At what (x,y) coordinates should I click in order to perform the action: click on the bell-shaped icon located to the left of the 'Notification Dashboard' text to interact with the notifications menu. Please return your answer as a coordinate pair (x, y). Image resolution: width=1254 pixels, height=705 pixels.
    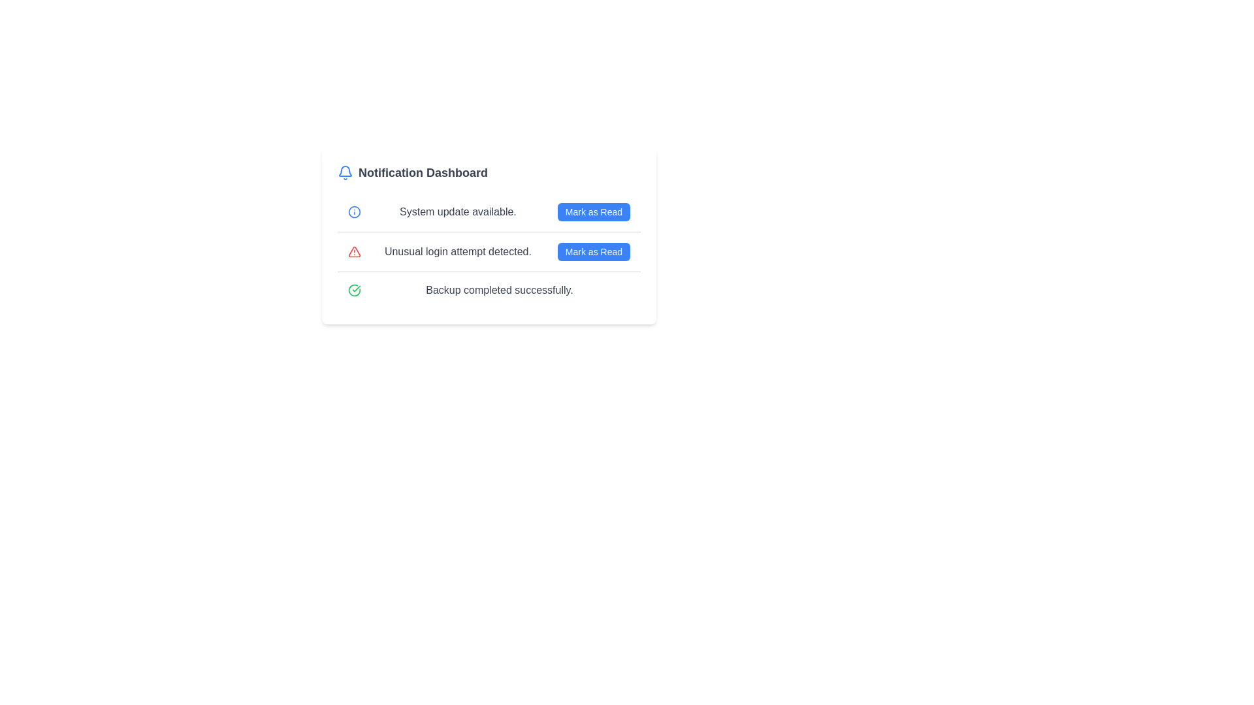
    Looking at the image, I should click on (345, 172).